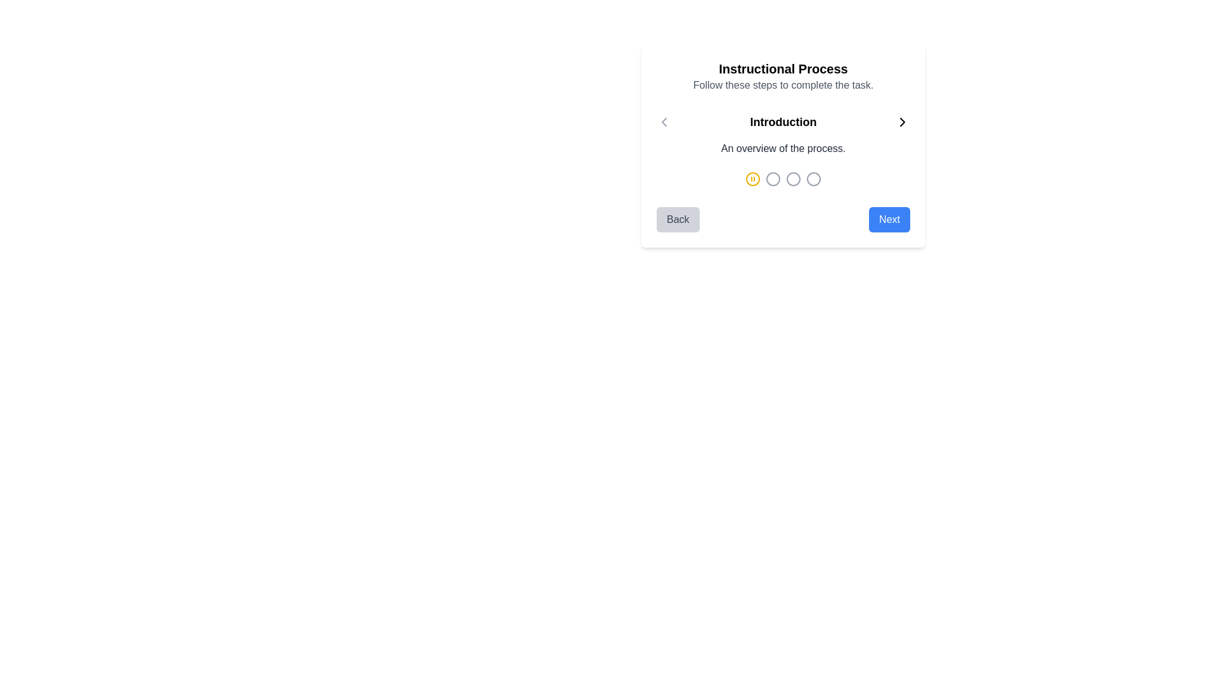  Describe the element at coordinates (772, 179) in the screenshot. I see `the third circular icon in the horizontally aligned group of icons, which serves as a selection option or indicator` at that location.